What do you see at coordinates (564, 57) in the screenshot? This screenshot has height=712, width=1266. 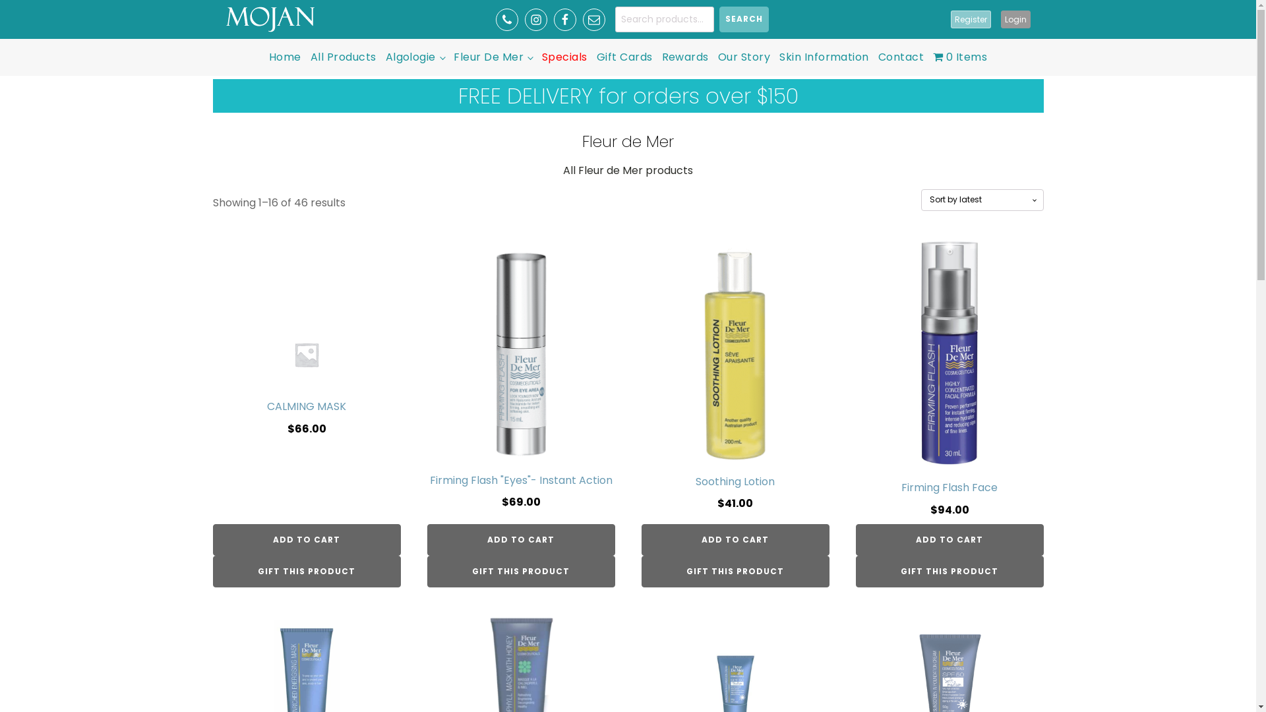 I see `'Specials'` at bounding box center [564, 57].